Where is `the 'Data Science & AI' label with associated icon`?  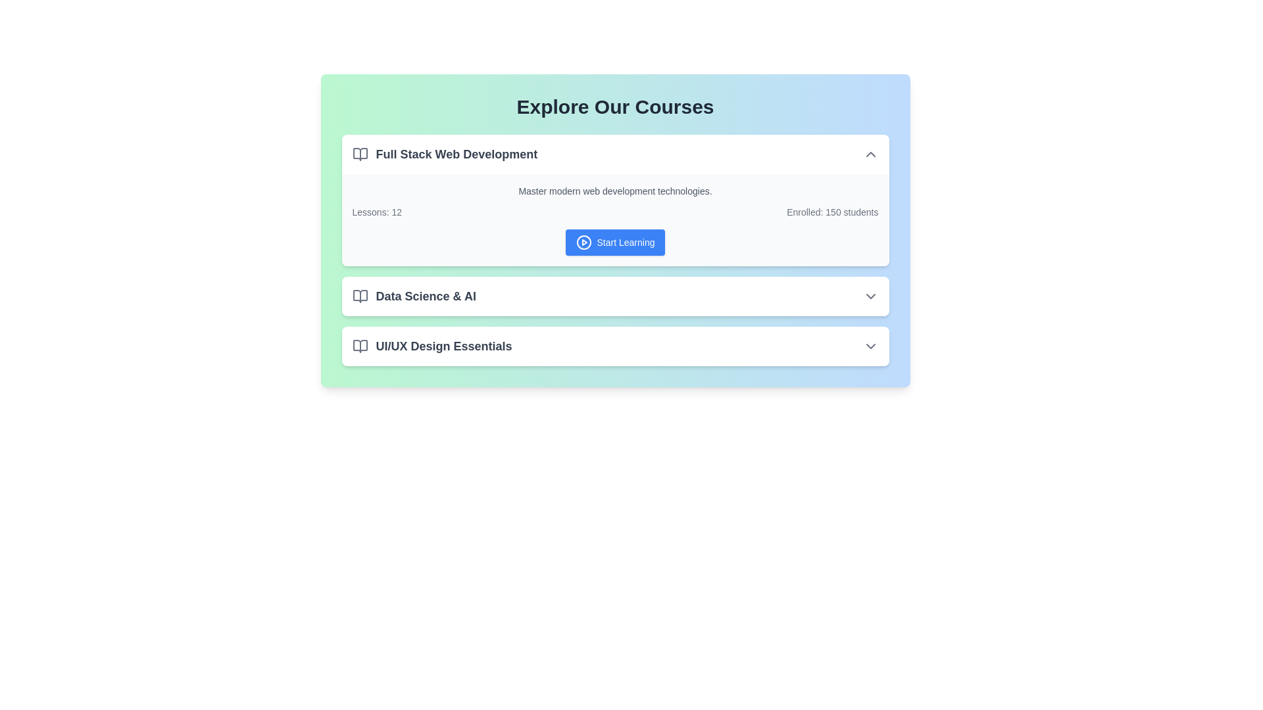
the 'Data Science & AI' label with associated icon is located at coordinates (413, 296).